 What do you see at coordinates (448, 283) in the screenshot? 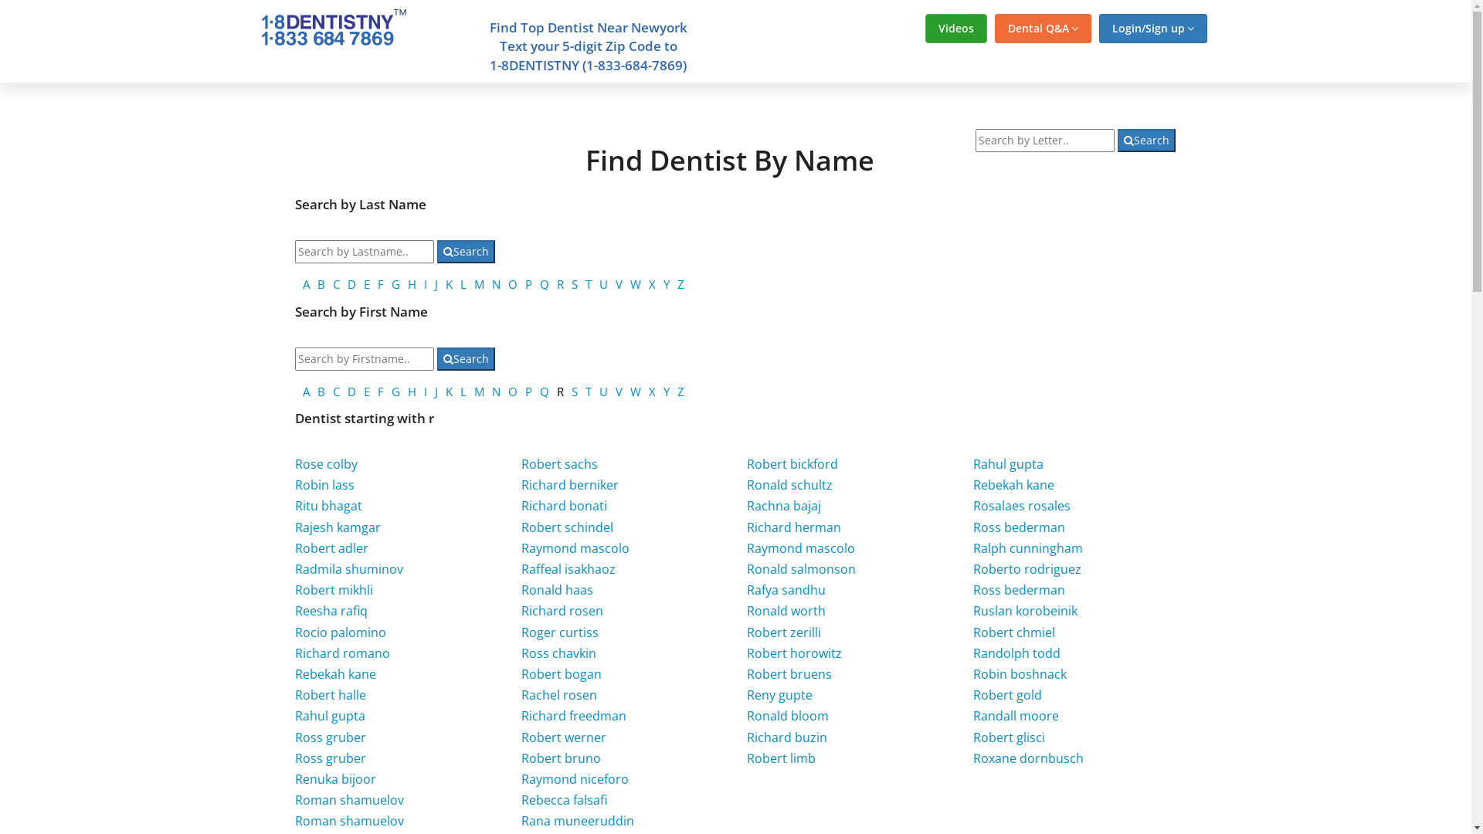
I see `'K'` at bounding box center [448, 283].